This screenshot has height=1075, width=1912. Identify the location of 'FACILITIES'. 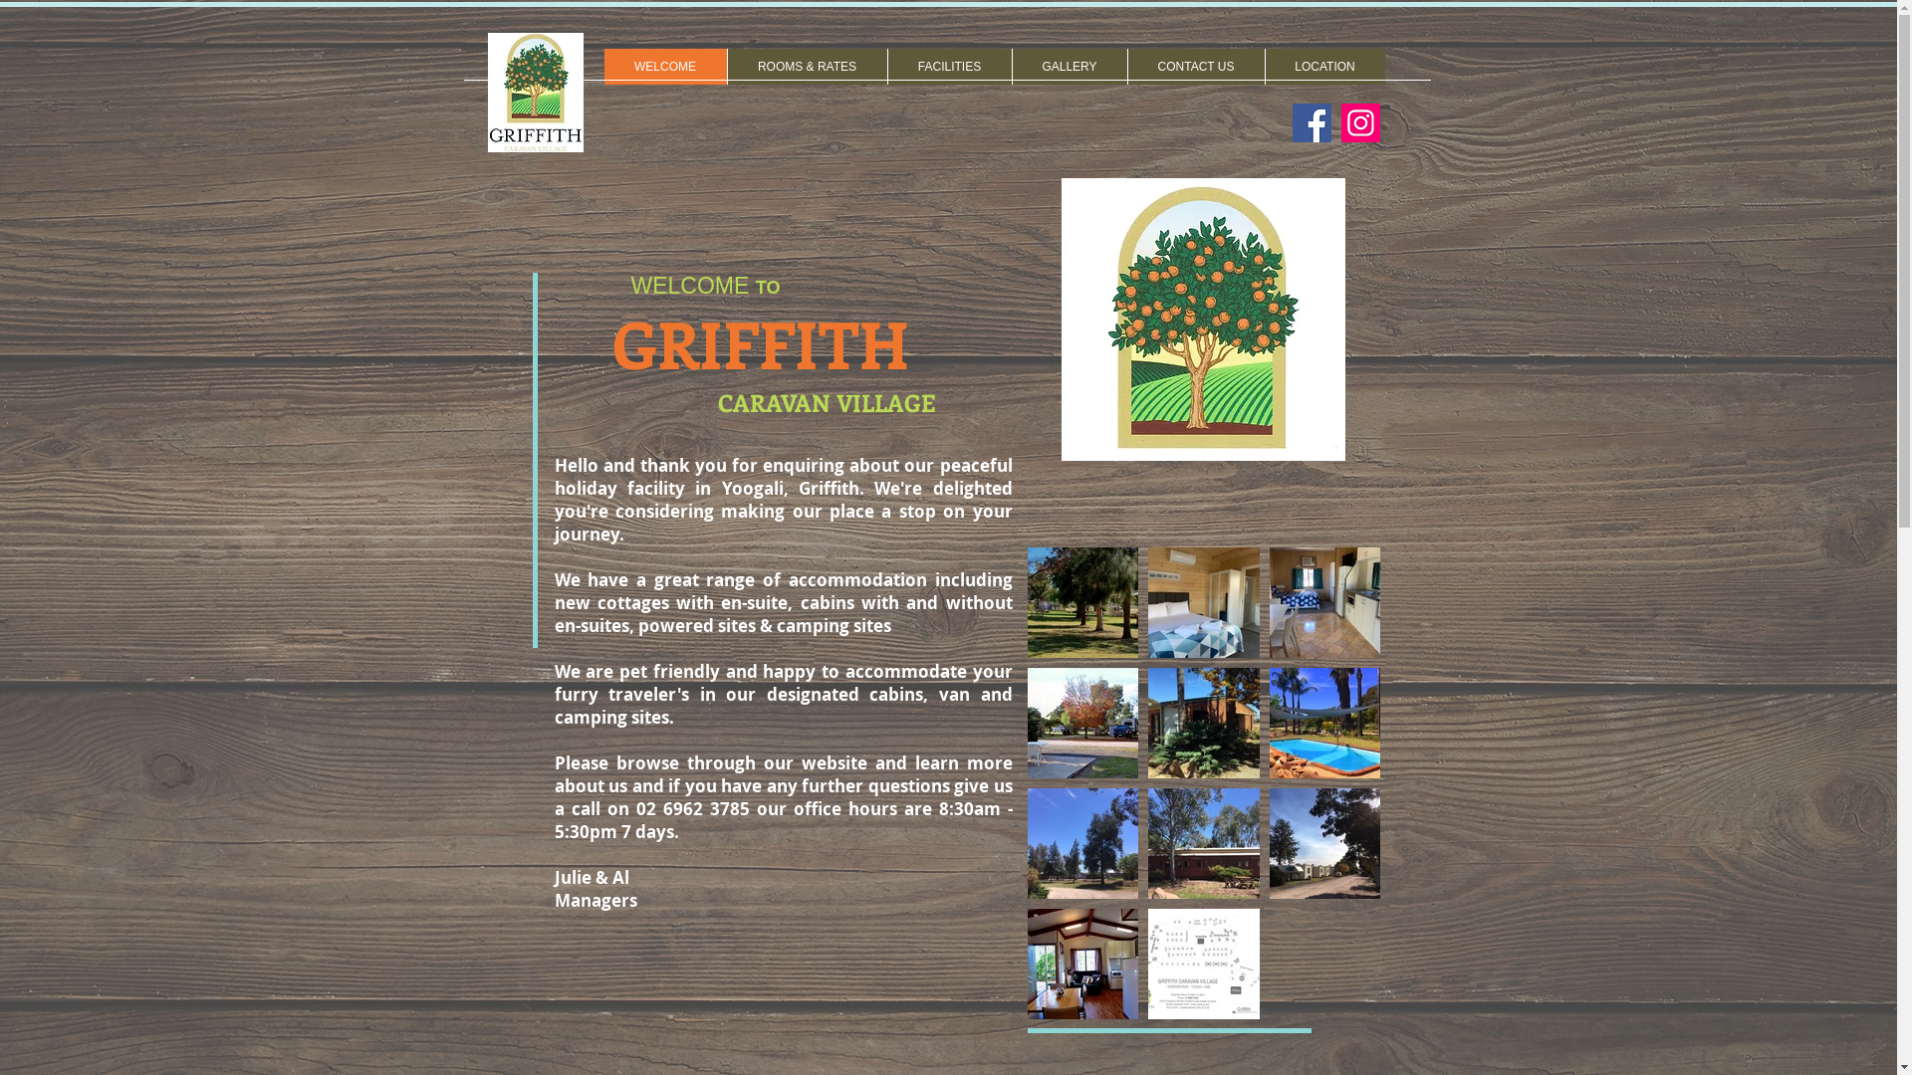
(947, 65).